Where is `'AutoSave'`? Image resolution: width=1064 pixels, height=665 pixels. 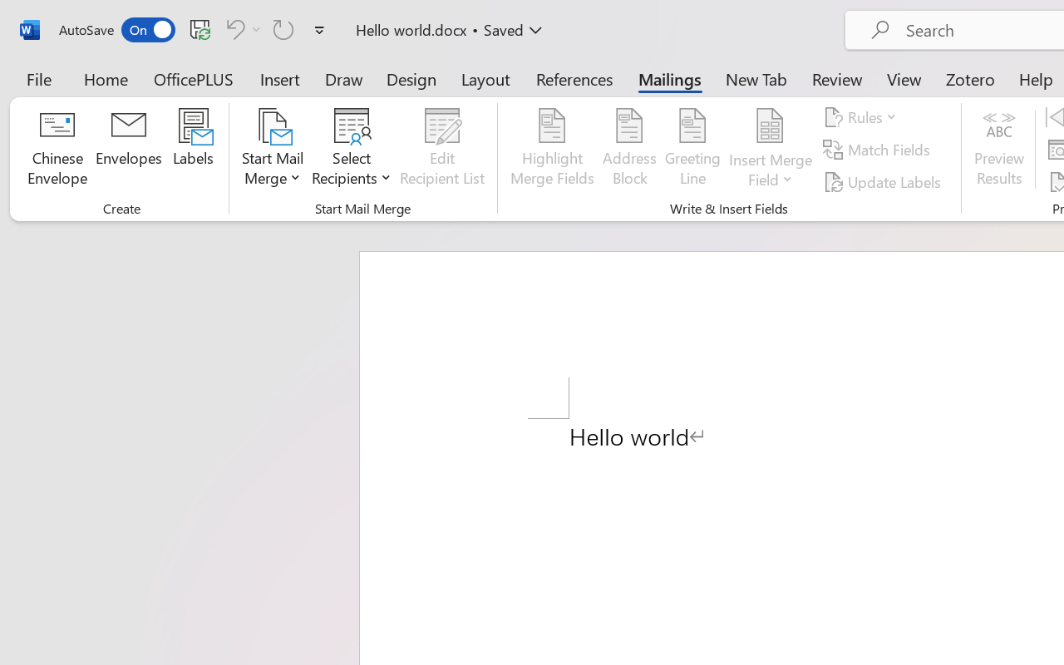 'AutoSave' is located at coordinates (116, 29).